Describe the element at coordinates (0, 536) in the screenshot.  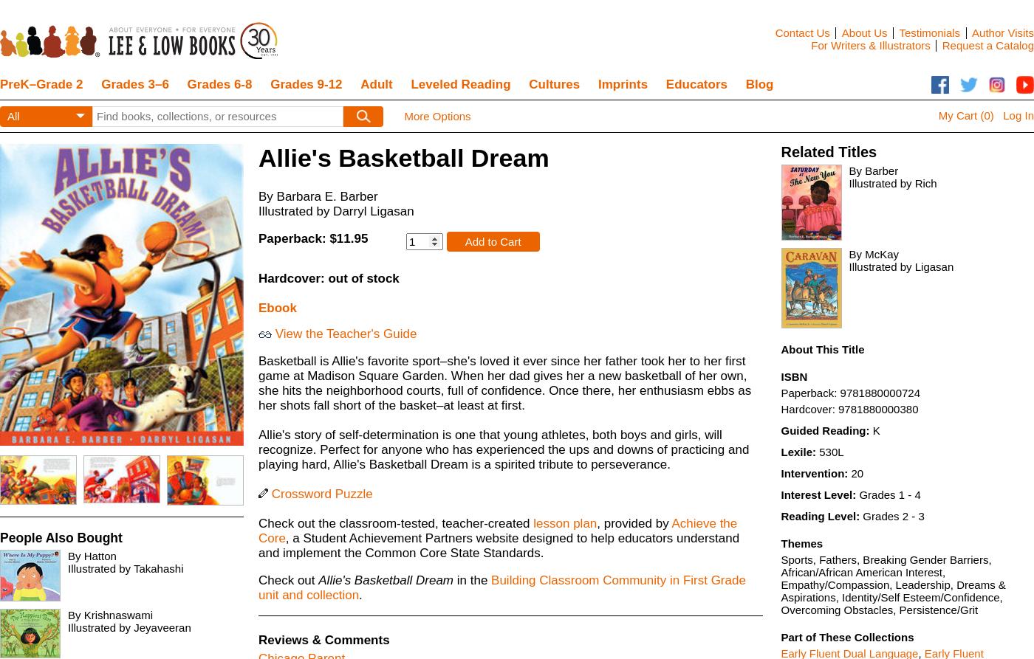
I see `'People Also Bought'` at that location.